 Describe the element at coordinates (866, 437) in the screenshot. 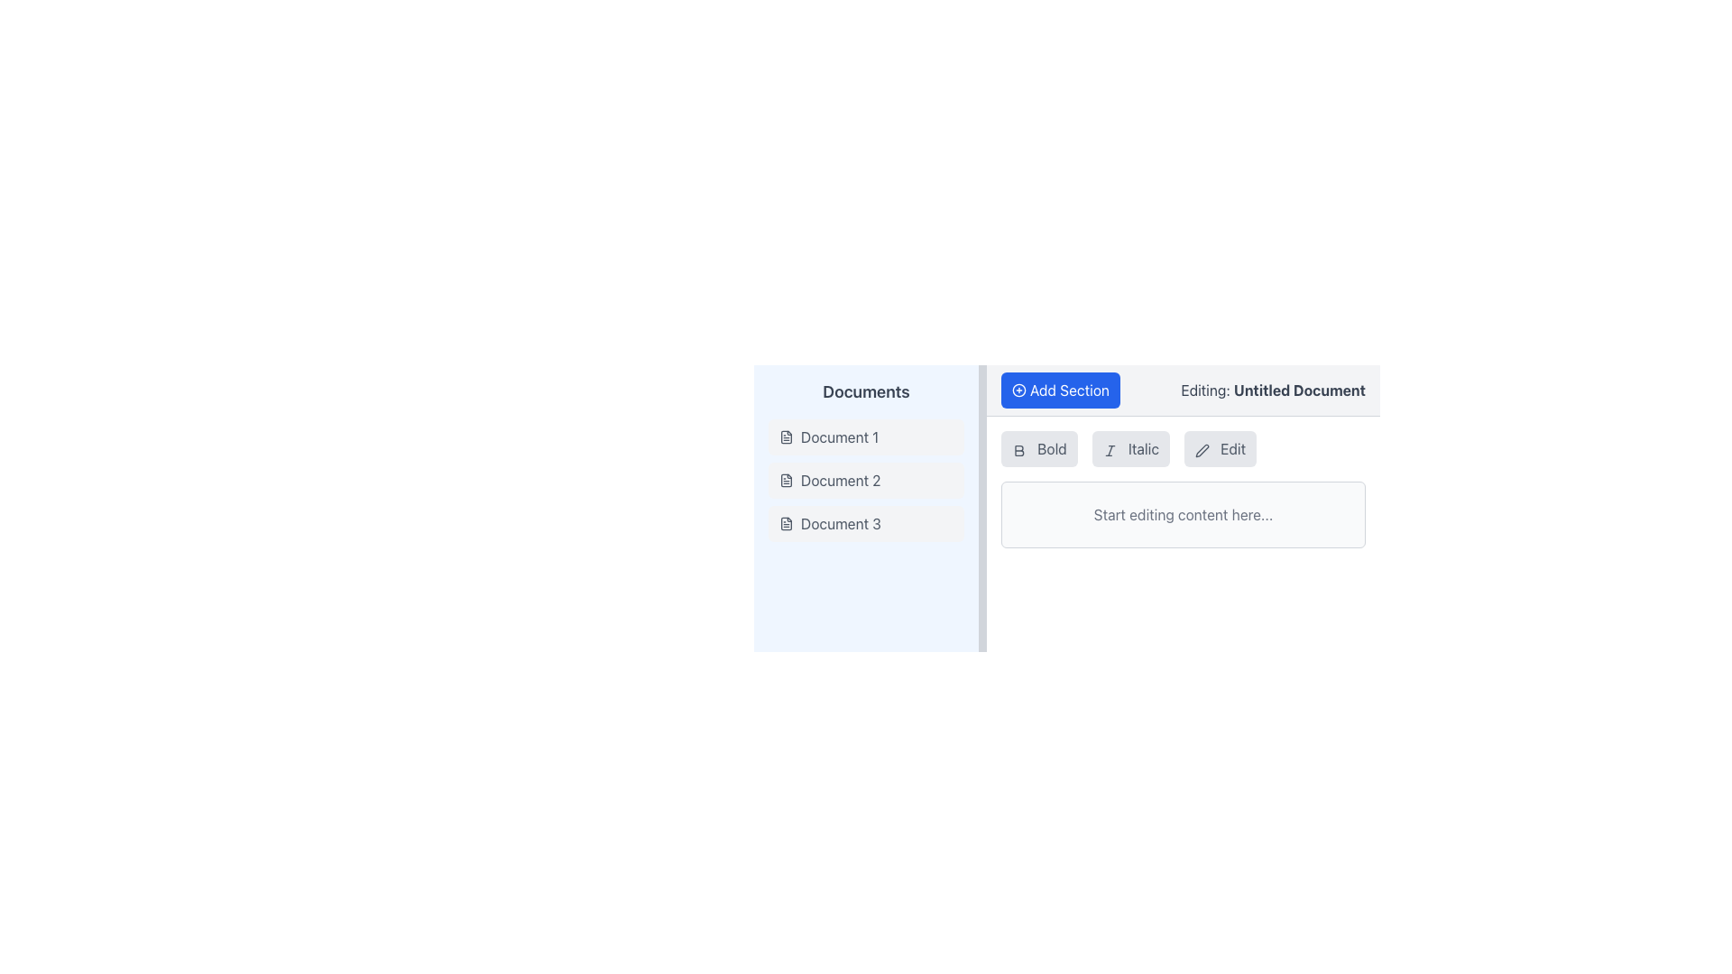

I see `the button labeled 'Document 1' in the vertical list of documents on the left side of the interface` at that location.